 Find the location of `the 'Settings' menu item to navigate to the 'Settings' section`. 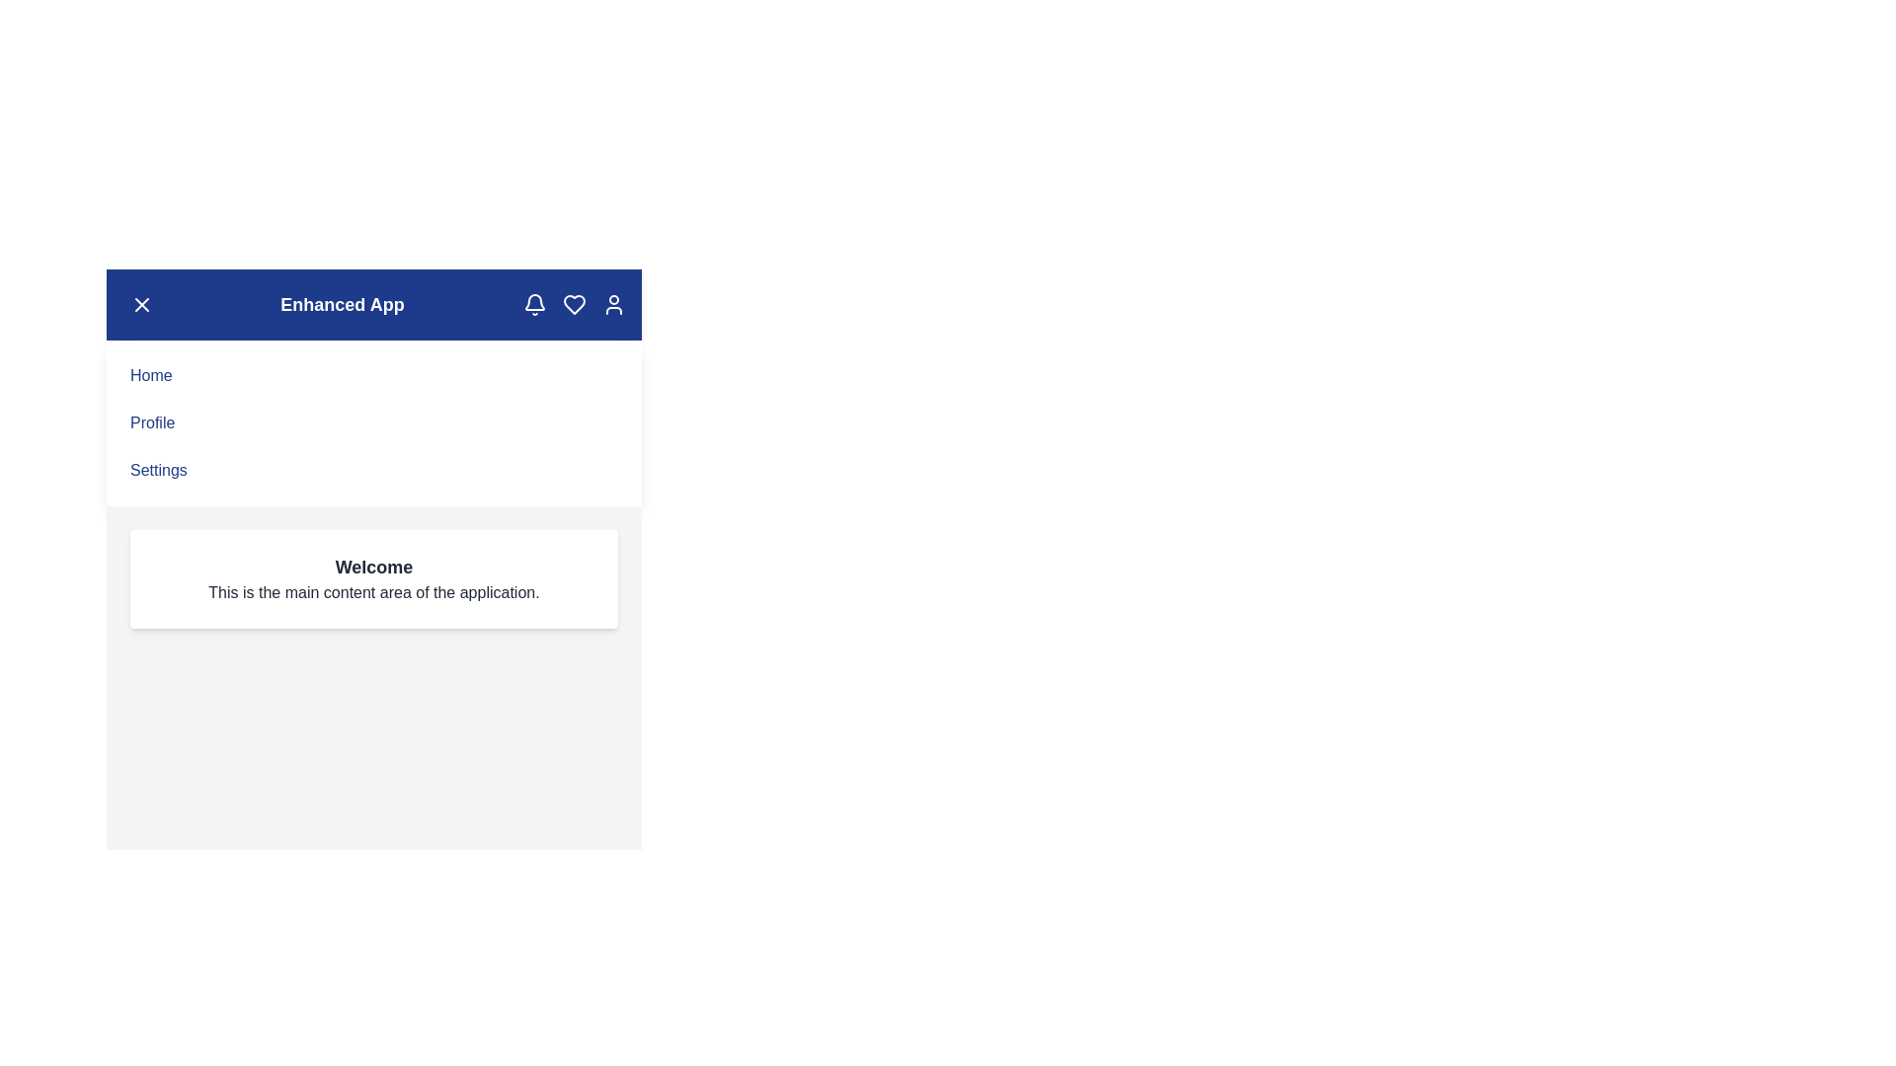

the 'Settings' menu item to navigate to the 'Settings' section is located at coordinates (156, 471).